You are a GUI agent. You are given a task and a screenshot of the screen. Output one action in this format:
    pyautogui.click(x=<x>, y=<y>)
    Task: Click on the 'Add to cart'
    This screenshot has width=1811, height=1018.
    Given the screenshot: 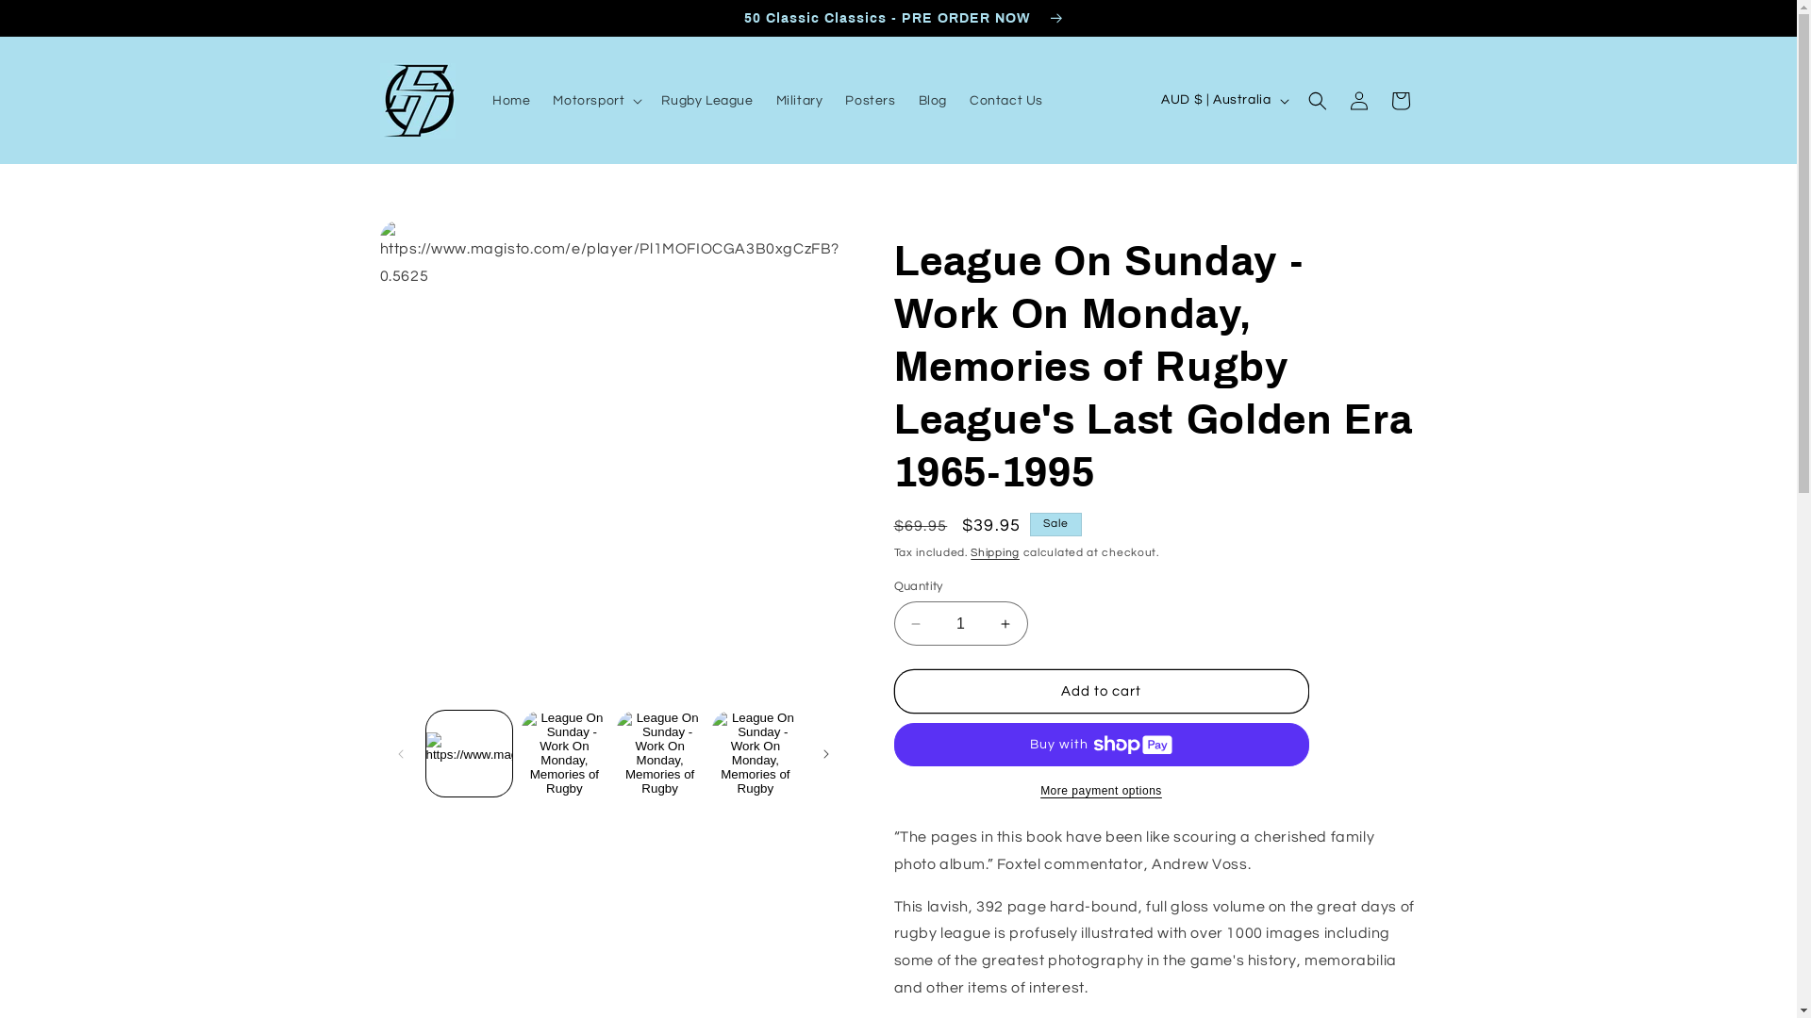 What is the action you would take?
    pyautogui.click(x=1101, y=691)
    